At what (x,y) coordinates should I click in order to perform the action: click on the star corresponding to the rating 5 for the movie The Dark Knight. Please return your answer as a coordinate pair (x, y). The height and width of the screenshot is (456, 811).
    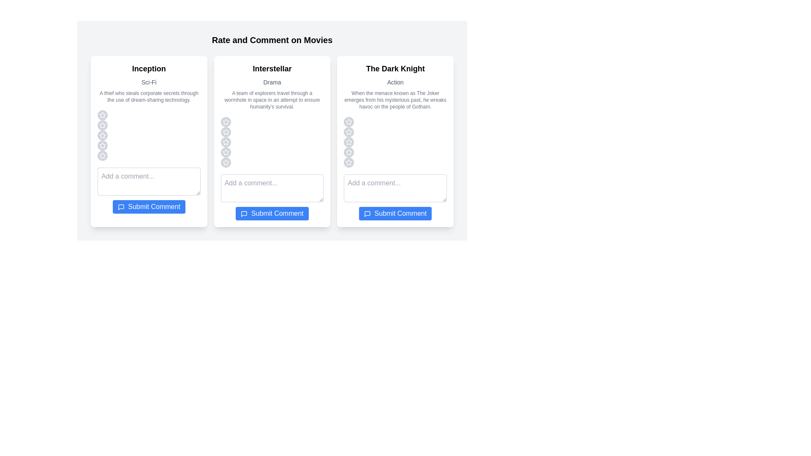
    Looking at the image, I should click on (348, 163).